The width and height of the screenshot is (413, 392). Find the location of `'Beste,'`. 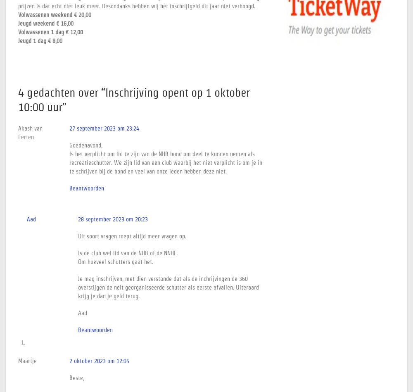

'Beste,' is located at coordinates (77, 378).